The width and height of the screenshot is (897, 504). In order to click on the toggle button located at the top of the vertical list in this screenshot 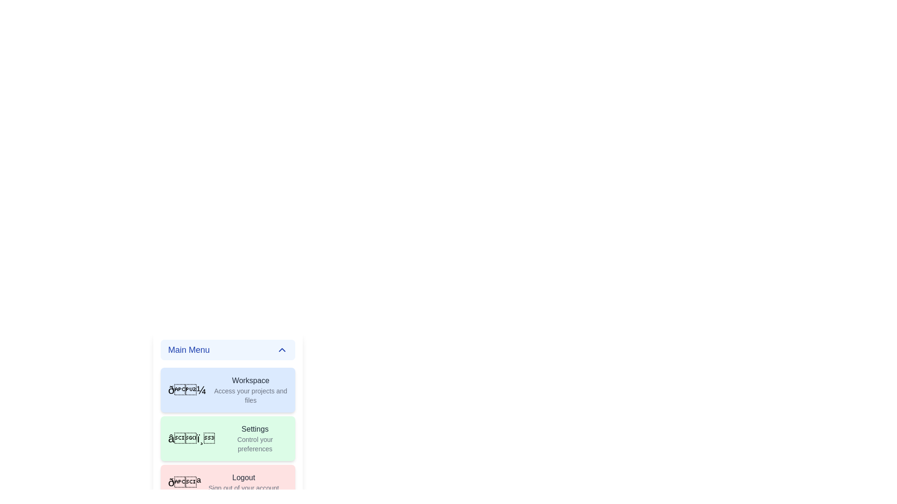, I will do `click(228, 350)`.